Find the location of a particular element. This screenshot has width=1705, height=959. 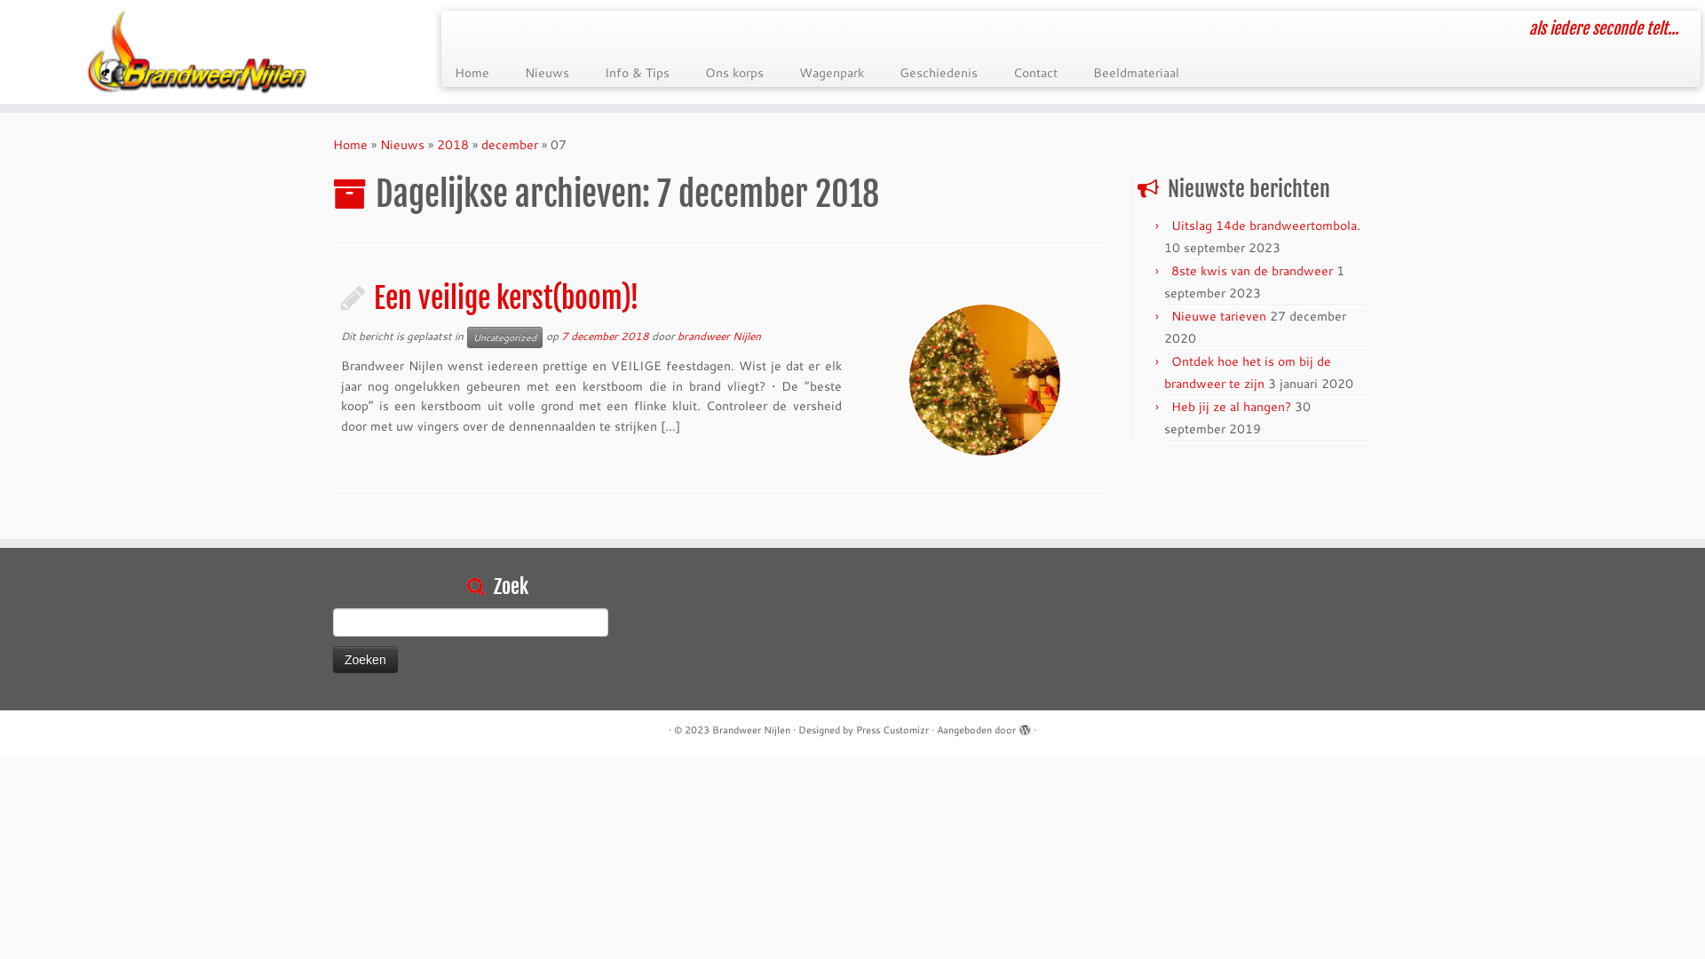

'Uncategorized' is located at coordinates (504, 337).